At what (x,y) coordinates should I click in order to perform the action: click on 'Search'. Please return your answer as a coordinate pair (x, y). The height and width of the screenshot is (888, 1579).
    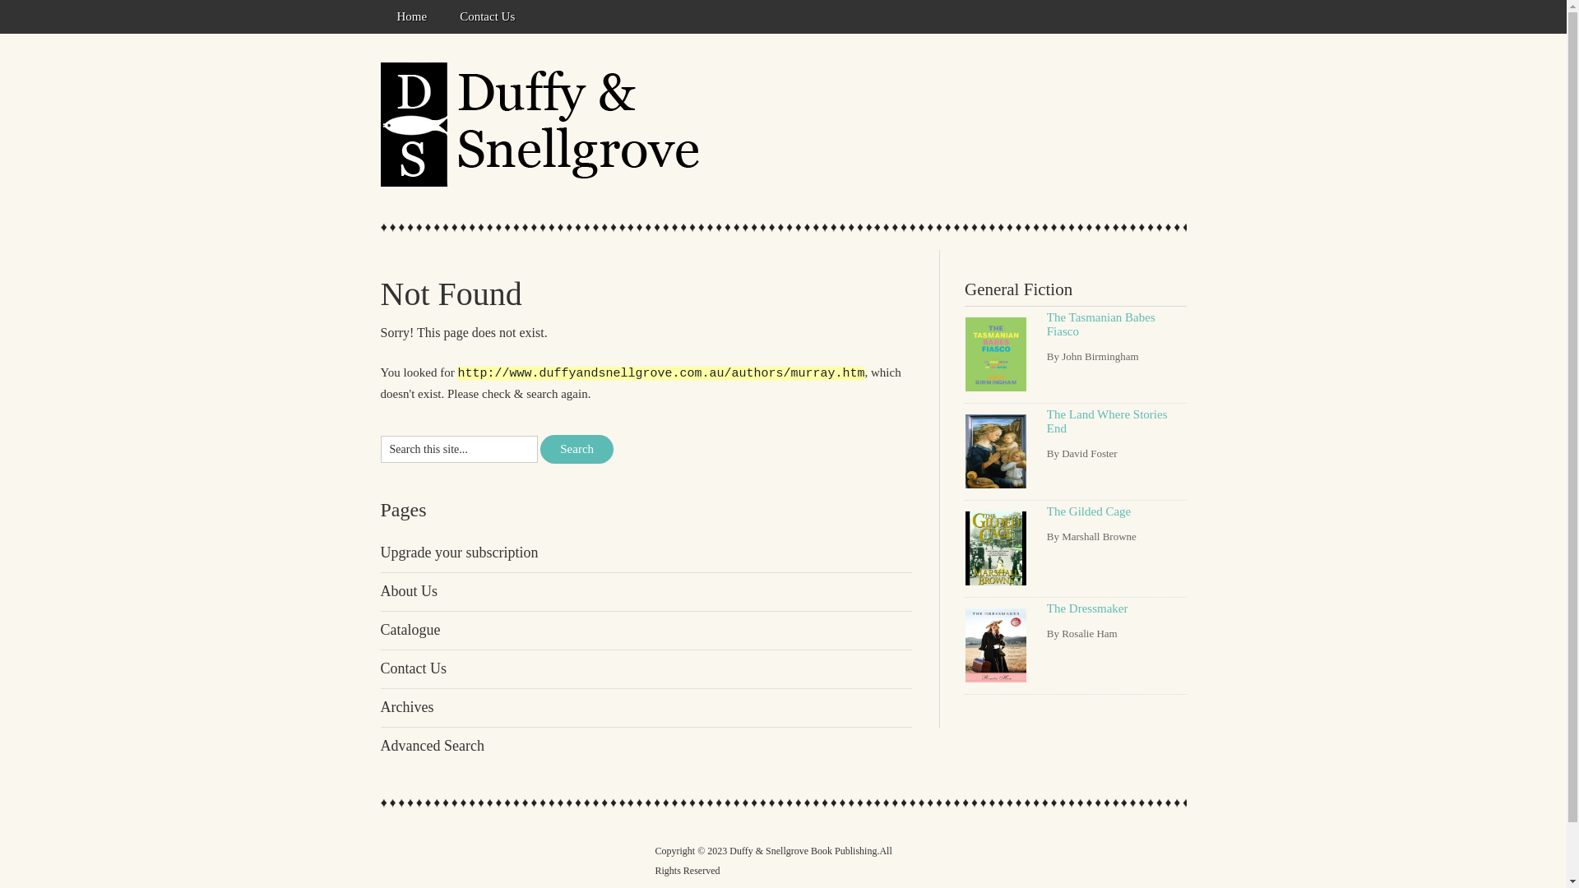
    Looking at the image, I should click on (540, 449).